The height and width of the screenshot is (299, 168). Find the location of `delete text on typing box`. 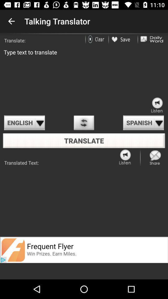

delete text on typing box is located at coordinates (97, 39).